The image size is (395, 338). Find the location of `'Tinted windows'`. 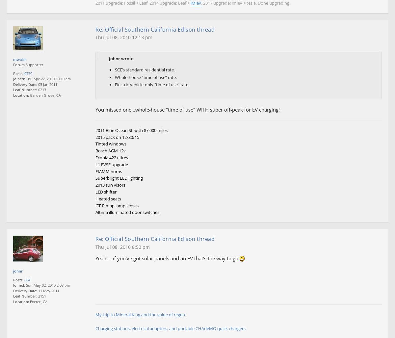

'Tinted windows' is located at coordinates (111, 143).